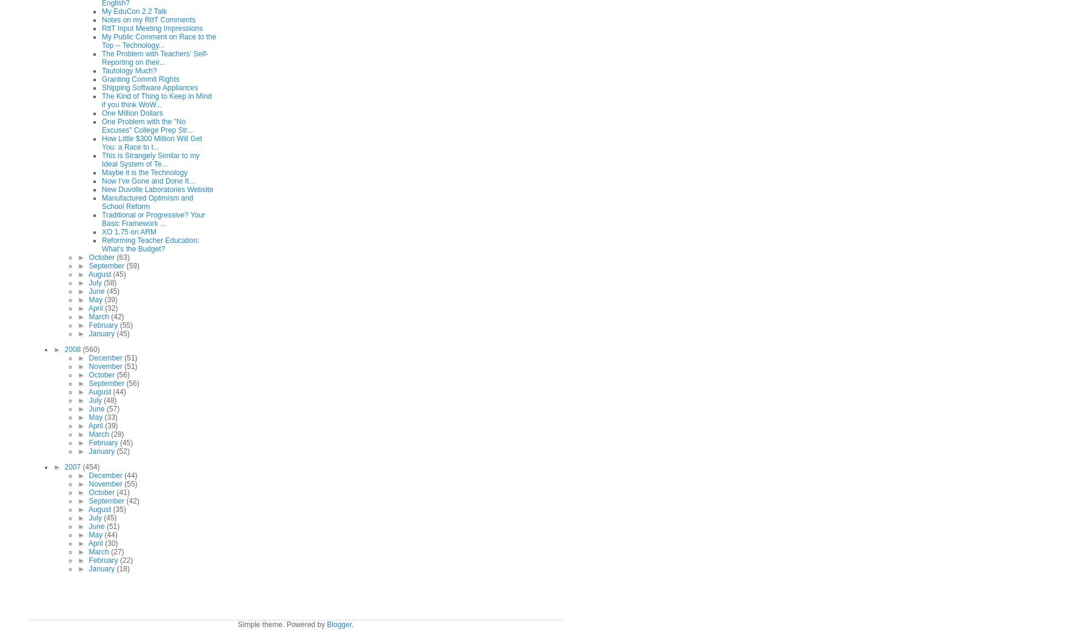  Describe the element at coordinates (90, 350) in the screenshot. I see `'(560)'` at that location.